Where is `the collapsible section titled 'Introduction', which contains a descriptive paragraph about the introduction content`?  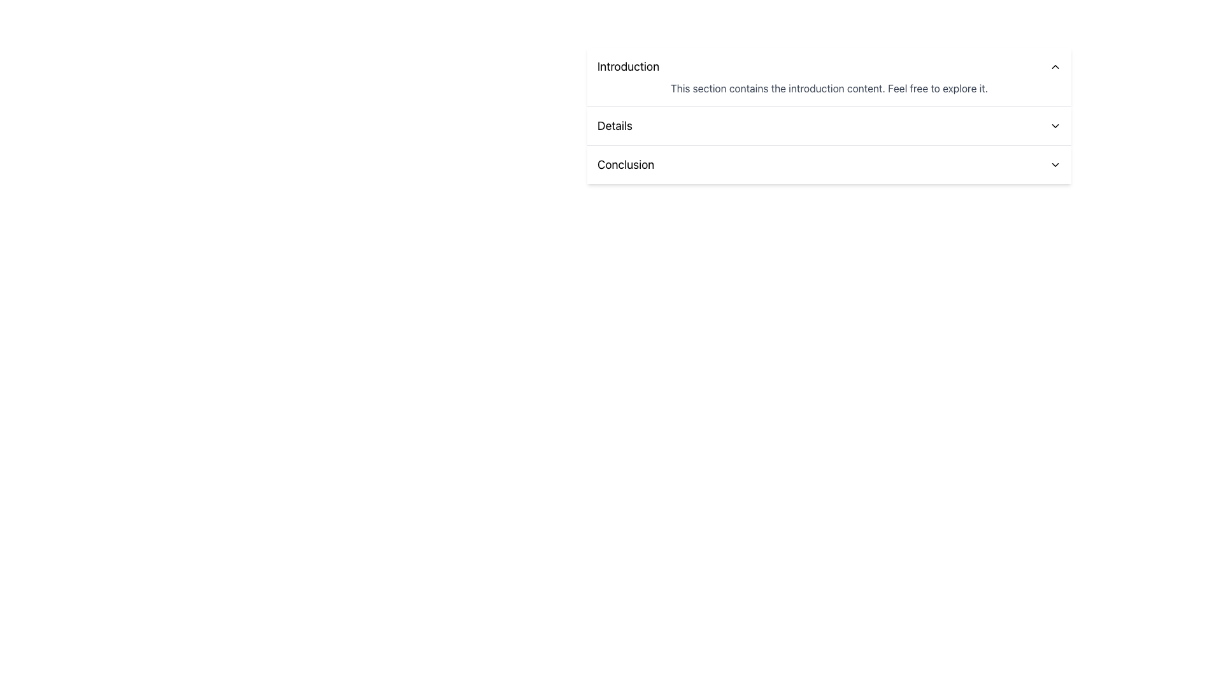 the collapsible section titled 'Introduction', which contains a descriptive paragraph about the introduction content is located at coordinates (829, 76).